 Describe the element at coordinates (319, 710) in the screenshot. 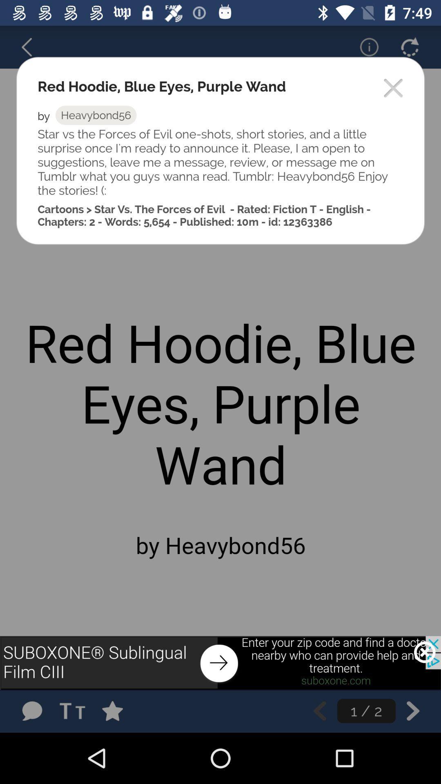

I see `previous` at that location.